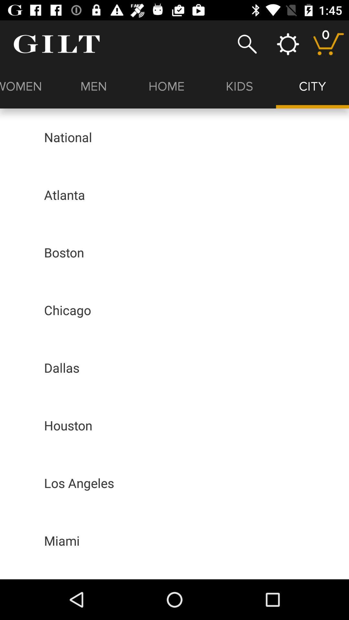 Image resolution: width=349 pixels, height=620 pixels. I want to click on app below houston app, so click(79, 483).